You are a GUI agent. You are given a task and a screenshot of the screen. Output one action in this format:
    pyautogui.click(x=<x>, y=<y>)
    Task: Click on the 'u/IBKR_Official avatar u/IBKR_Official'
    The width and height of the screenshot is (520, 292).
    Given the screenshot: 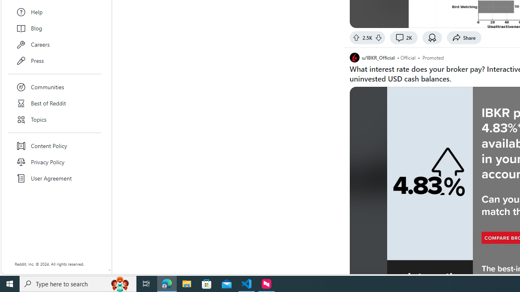 What is the action you would take?
    pyautogui.click(x=371, y=57)
    